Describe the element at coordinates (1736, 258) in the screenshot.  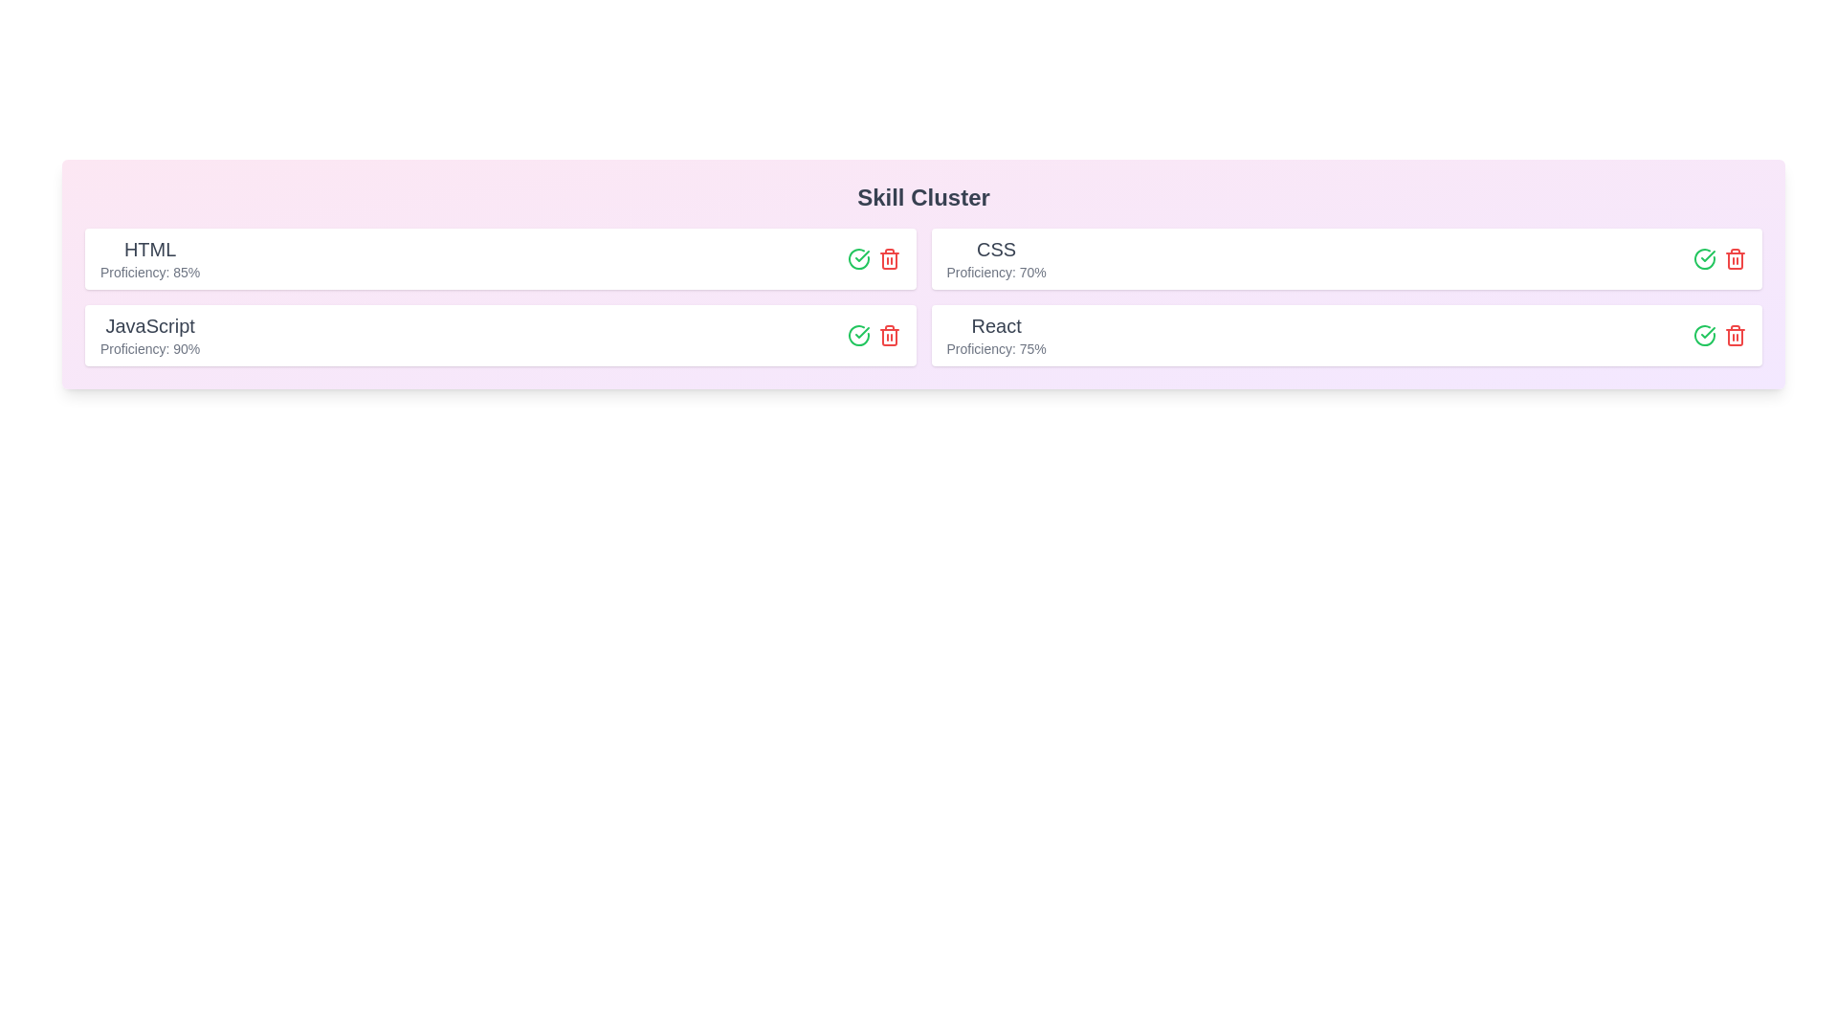
I see `remove button for the item labeled CSS` at that location.